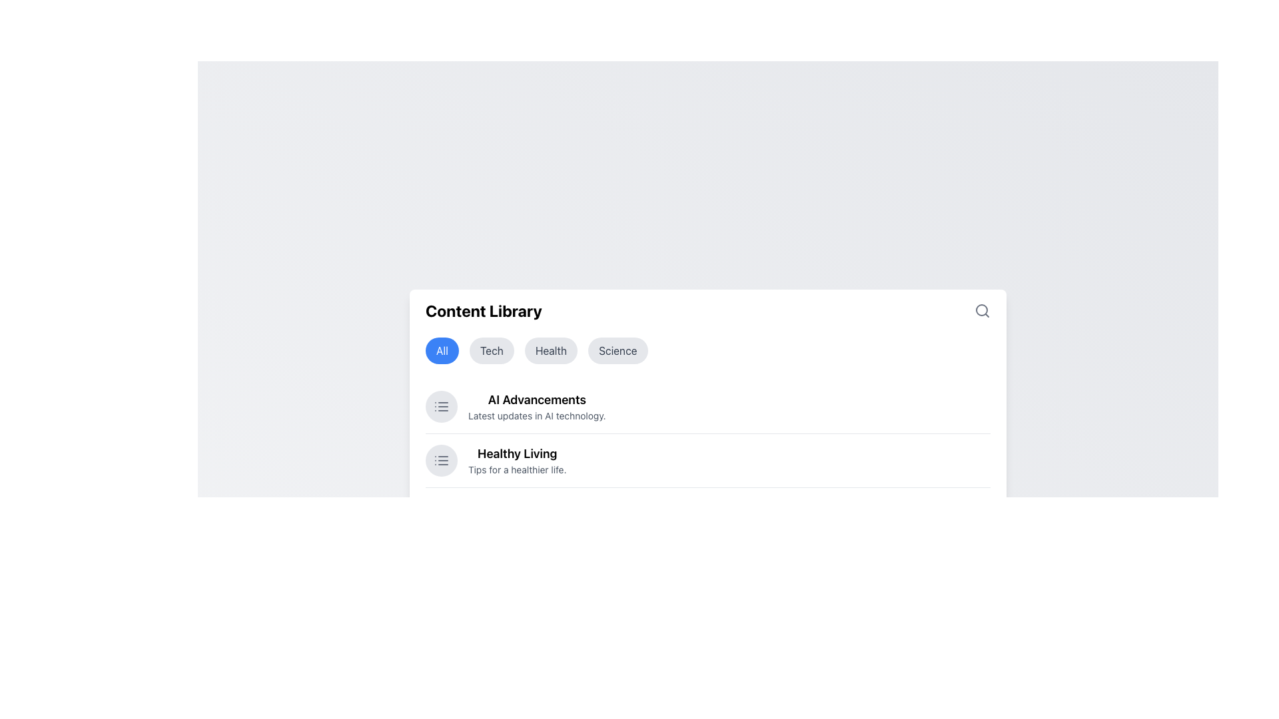 Image resolution: width=1279 pixels, height=719 pixels. What do you see at coordinates (516, 459) in the screenshot?
I see `the clickable list item with heading and description for 'Healthy Living' to enable keyboard navigation` at bounding box center [516, 459].